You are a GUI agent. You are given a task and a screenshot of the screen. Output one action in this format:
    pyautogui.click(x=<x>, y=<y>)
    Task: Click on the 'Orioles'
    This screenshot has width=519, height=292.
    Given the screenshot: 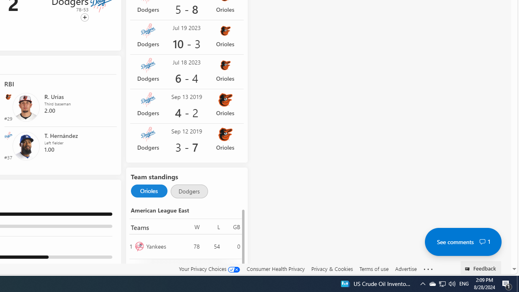 What is the action you would take?
    pyautogui.click(x=149, y=191)
    